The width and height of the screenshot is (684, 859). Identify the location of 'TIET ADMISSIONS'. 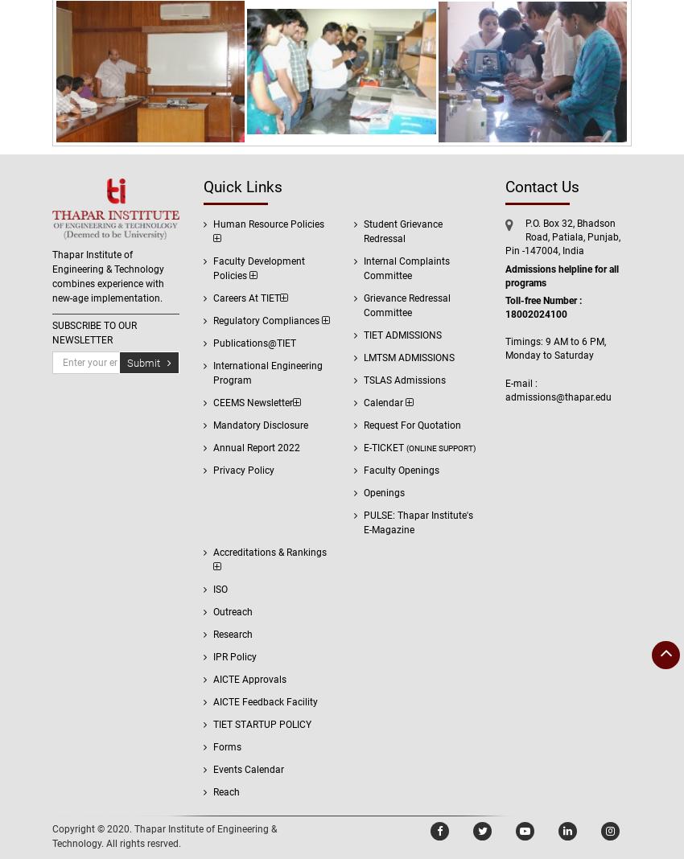
(402, 335).